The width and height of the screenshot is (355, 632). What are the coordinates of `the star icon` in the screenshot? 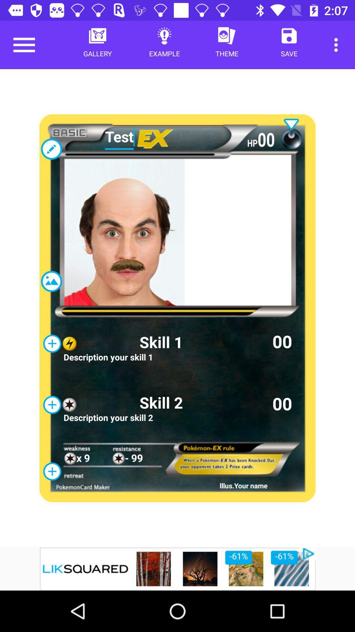 It's located at (70, 458).